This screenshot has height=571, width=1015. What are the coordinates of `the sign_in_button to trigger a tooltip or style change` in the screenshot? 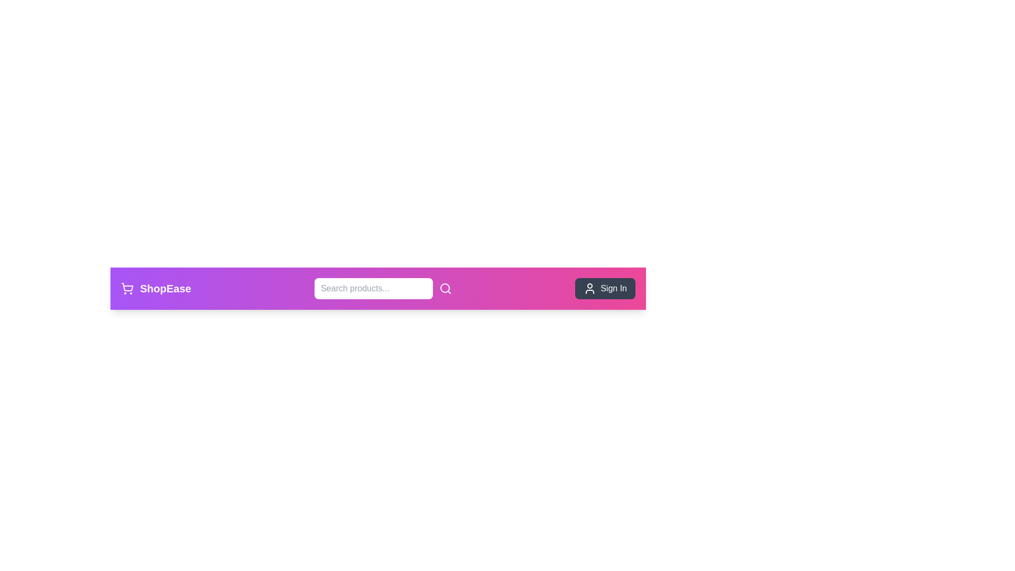 It's located at (605, 289).